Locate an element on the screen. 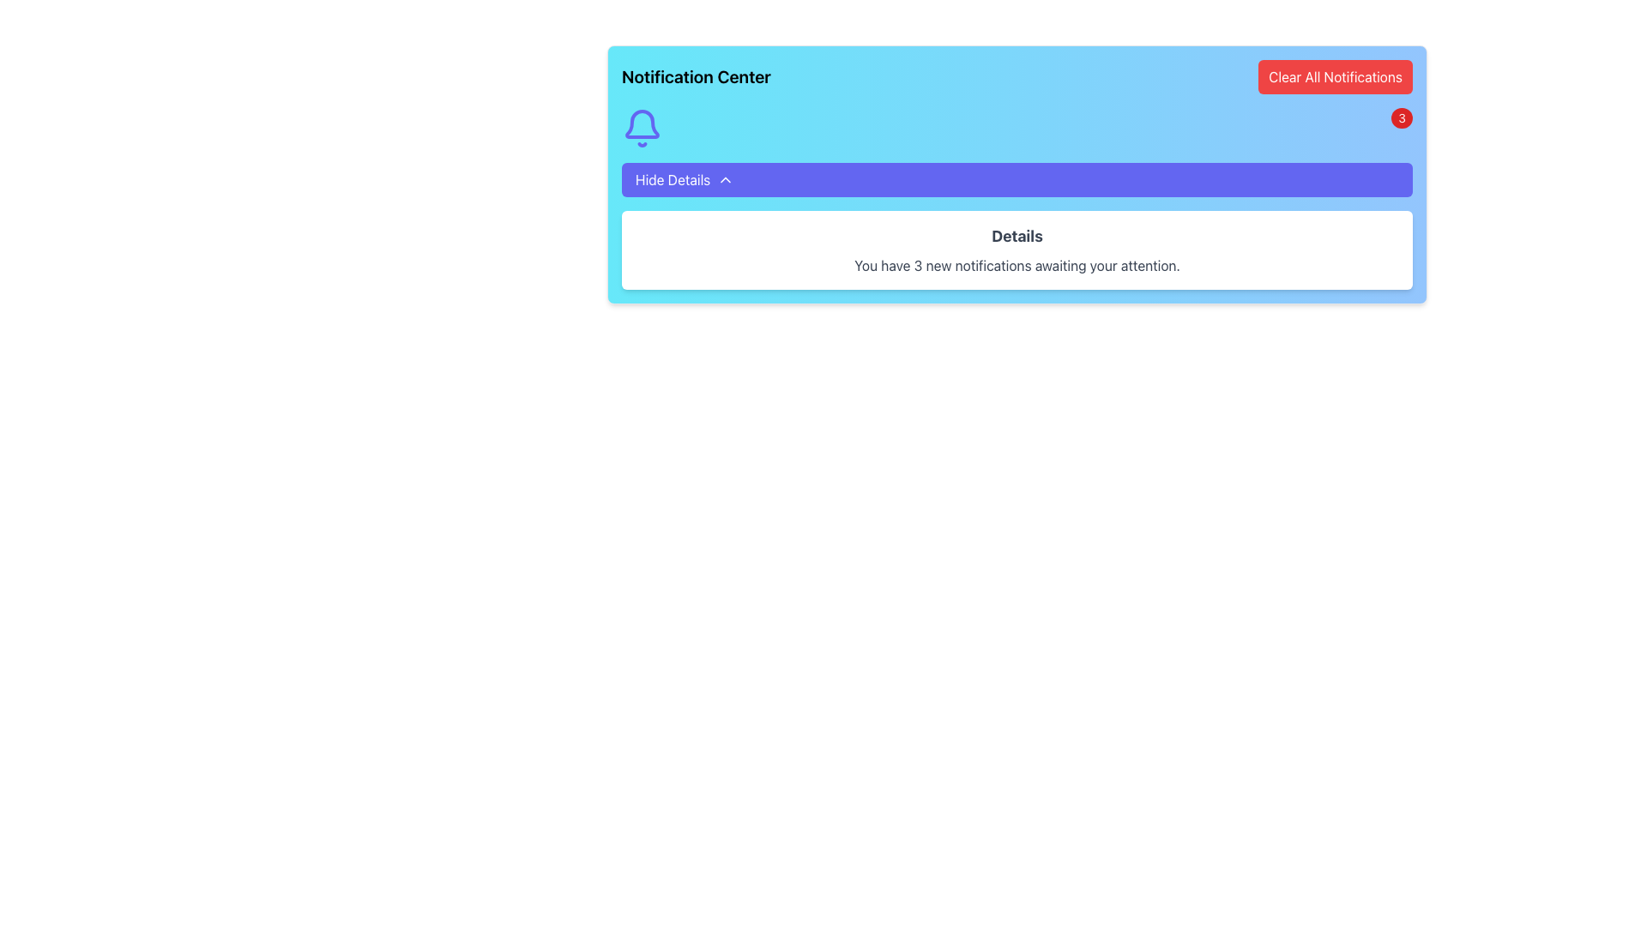  the bell icon in the header section of the notification interface for keyboard interactions is located at coordinates (641, 128).